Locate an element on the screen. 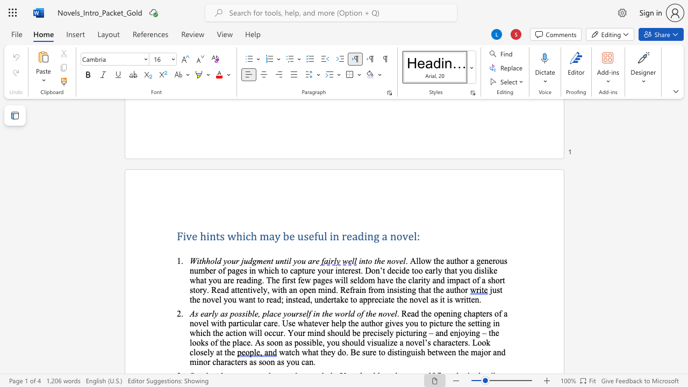 Image resolution: width=688 pixels, height=387 pixels. the 1th character "d" in the text is located at coordinates (218, 261).